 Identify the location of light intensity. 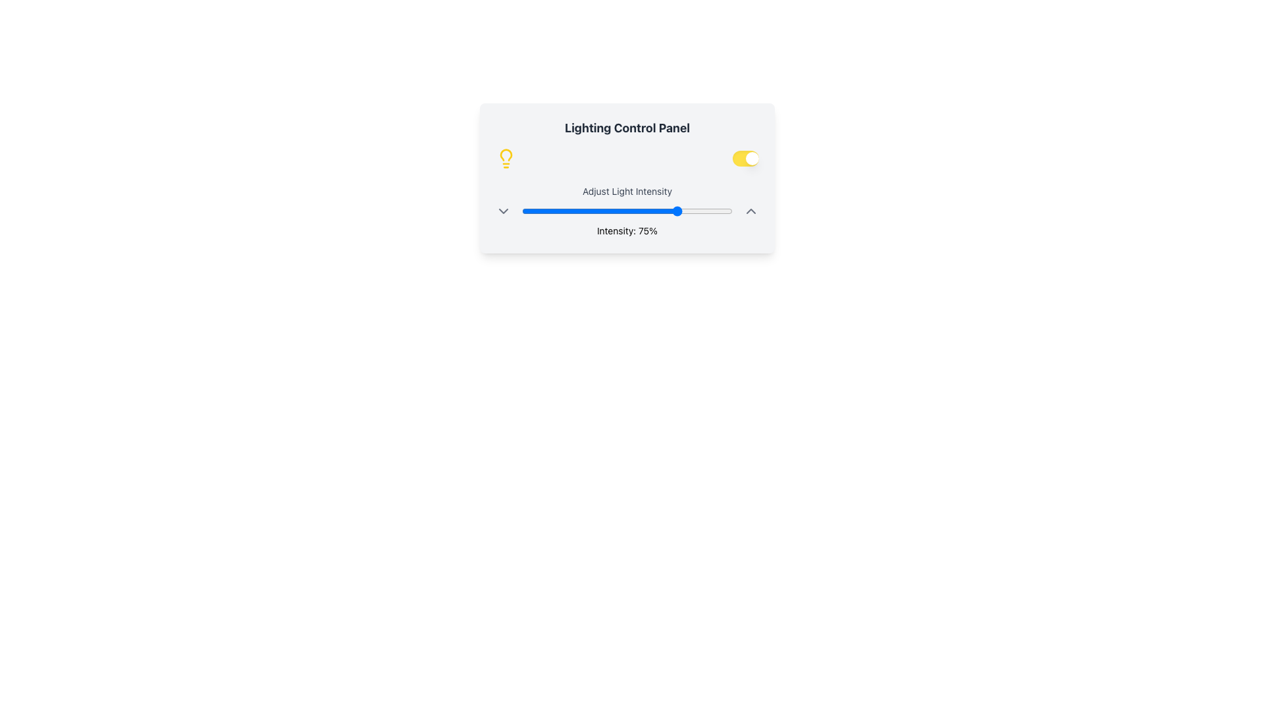
(727, 210).